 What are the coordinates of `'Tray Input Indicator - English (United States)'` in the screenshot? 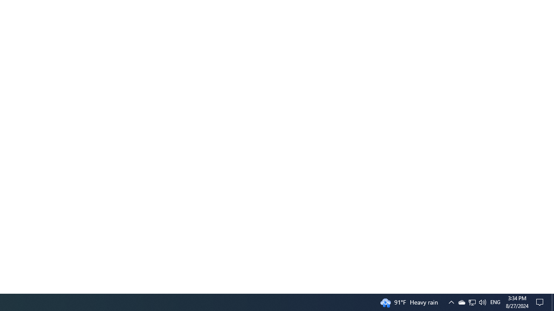 It's located at (472, 301).